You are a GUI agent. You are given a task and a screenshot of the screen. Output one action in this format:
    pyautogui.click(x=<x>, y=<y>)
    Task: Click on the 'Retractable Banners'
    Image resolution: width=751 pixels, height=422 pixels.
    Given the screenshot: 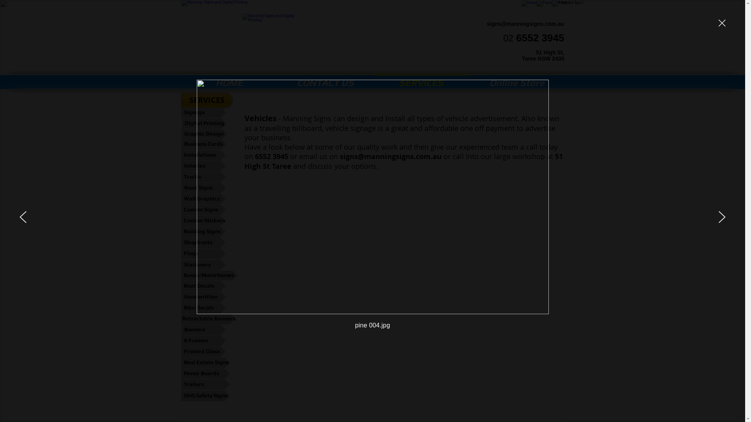 What is the action you would take?
    pyautogui.click(x=208, y=318)
    